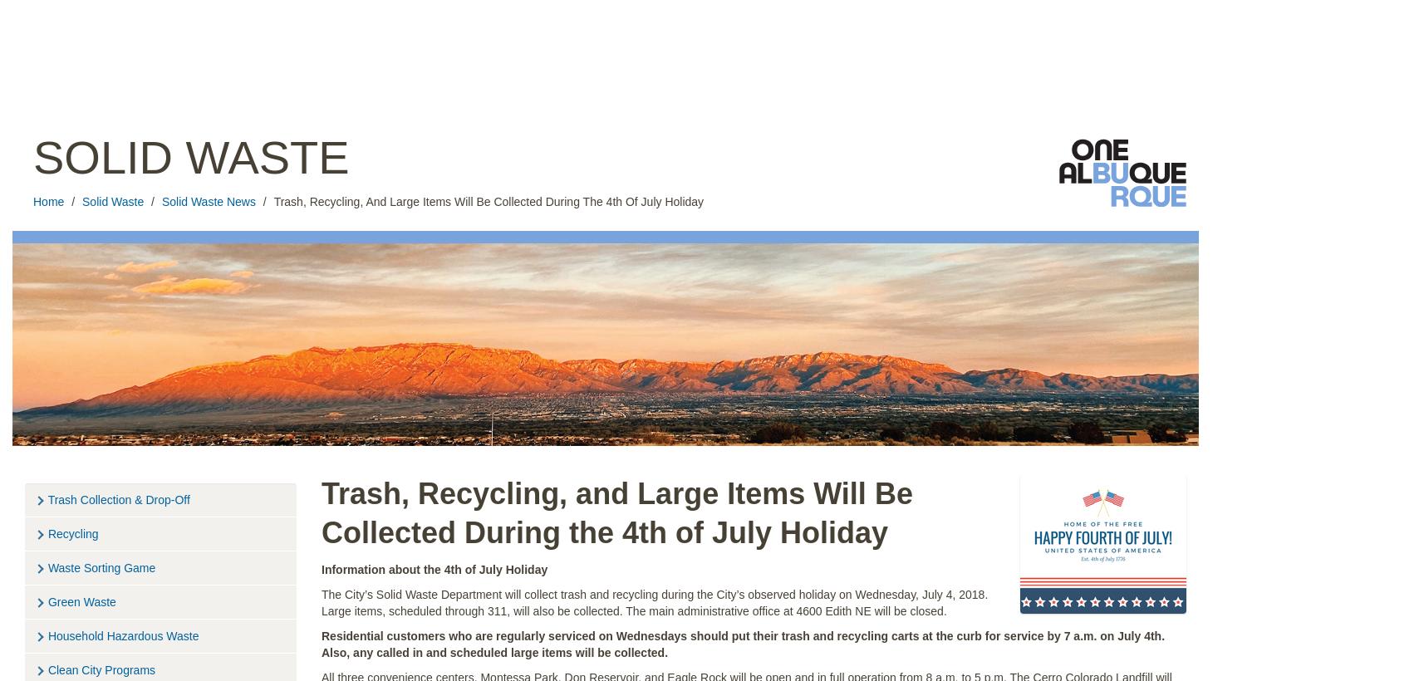 The height and width of the screenshot is (681, 1419). Describe the element at coordinates (616, 511) in the screenshot. I see `'Trash, Recycling, and Large Items Will Be Collected During the 4th of July Holiday'` at that location.